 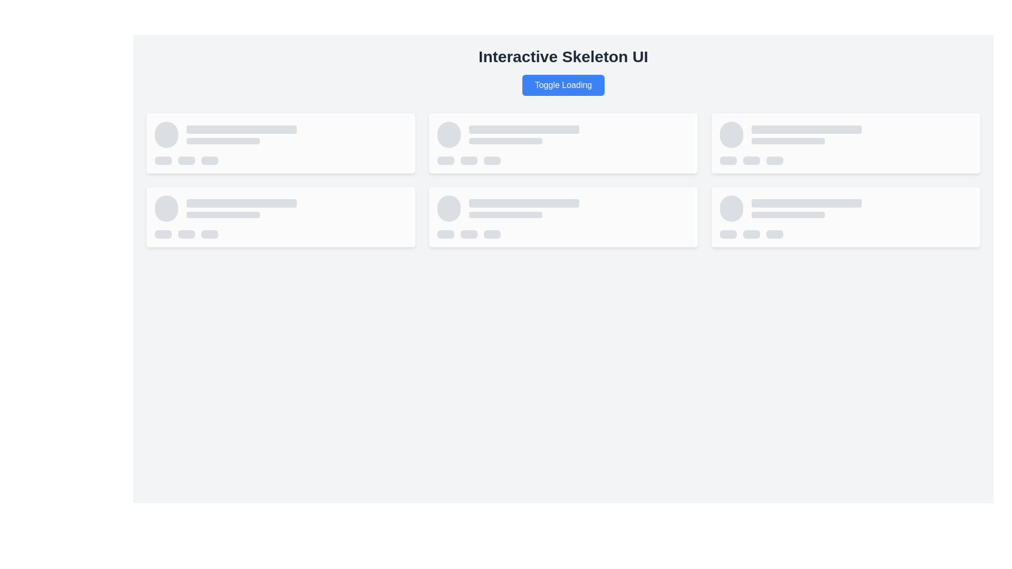 What do you see at coordinates (492, 233) in the screenshot?
I see `the third button with rounded corners and a light gray background located in the lower-right section of the second row in the UI grid` at bounding box center [492, 233].